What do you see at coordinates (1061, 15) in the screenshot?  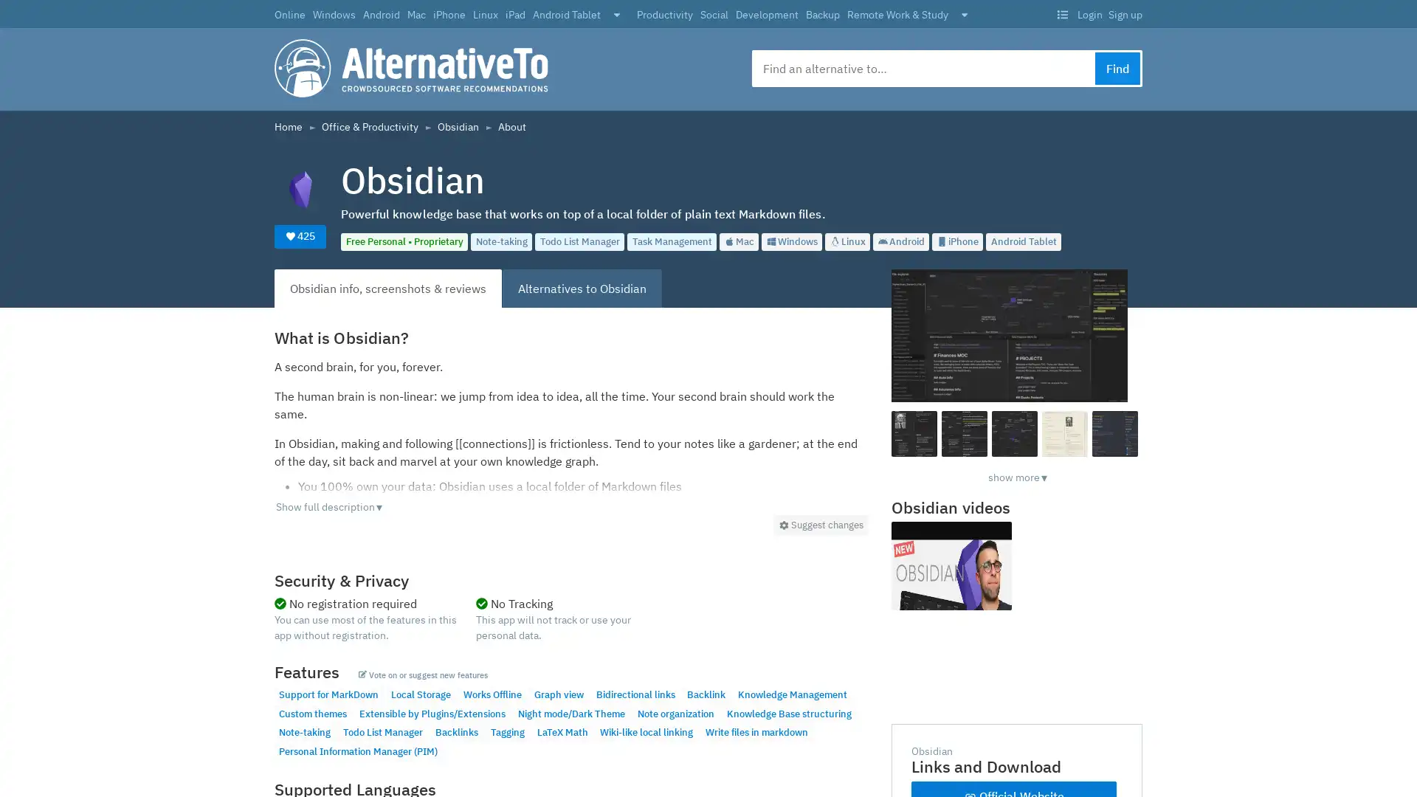 I see `Show Custom Lists` at bounding box center [1061, 15].